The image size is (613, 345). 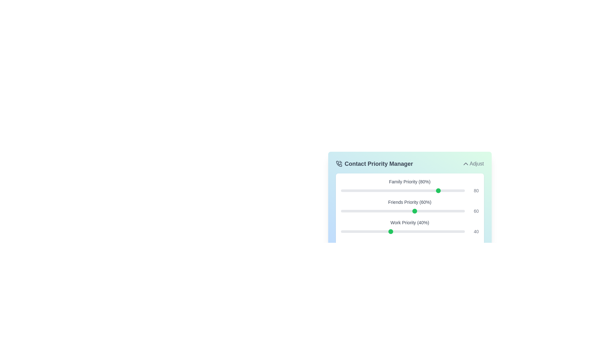 I want to click on the text 'Family Priority (80%)' to highlight it, so click(x=374, y=182).